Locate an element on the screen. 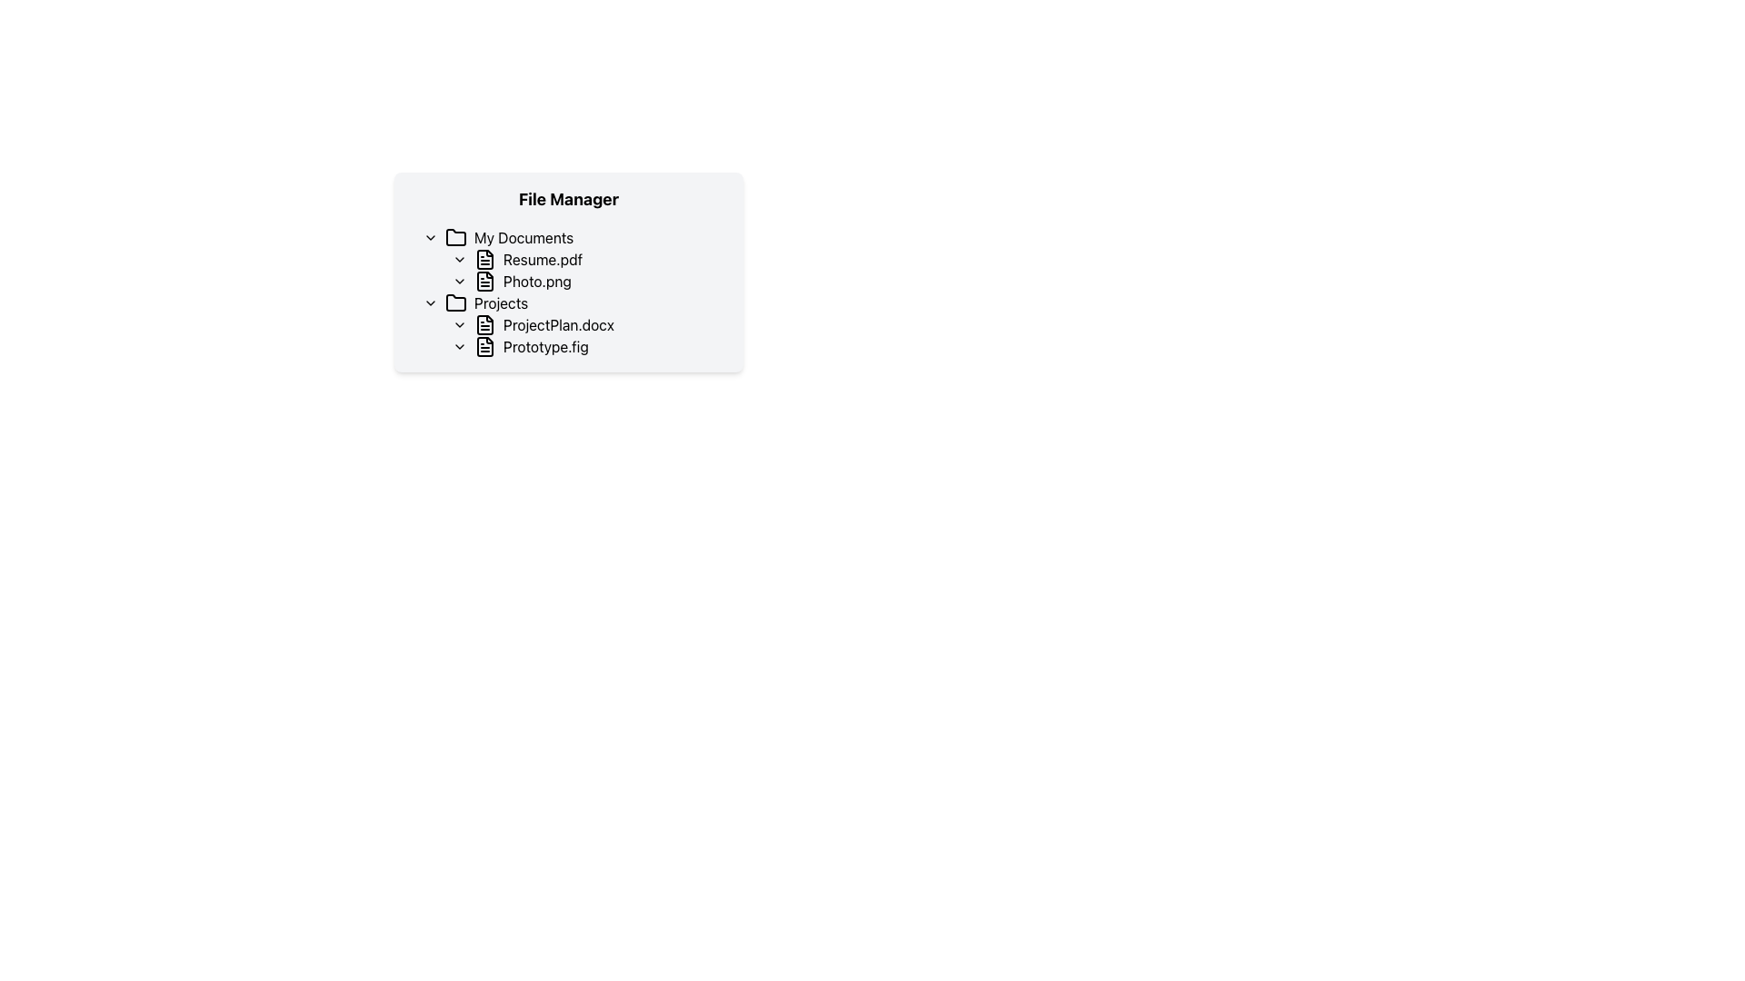 The height and width of the screenshot is (981, 1745). the text display element that shows the filenames 'Resume.pdf' and 'Photo.png' located under the 'My Documents' folder is located at coordinates (574, 270).